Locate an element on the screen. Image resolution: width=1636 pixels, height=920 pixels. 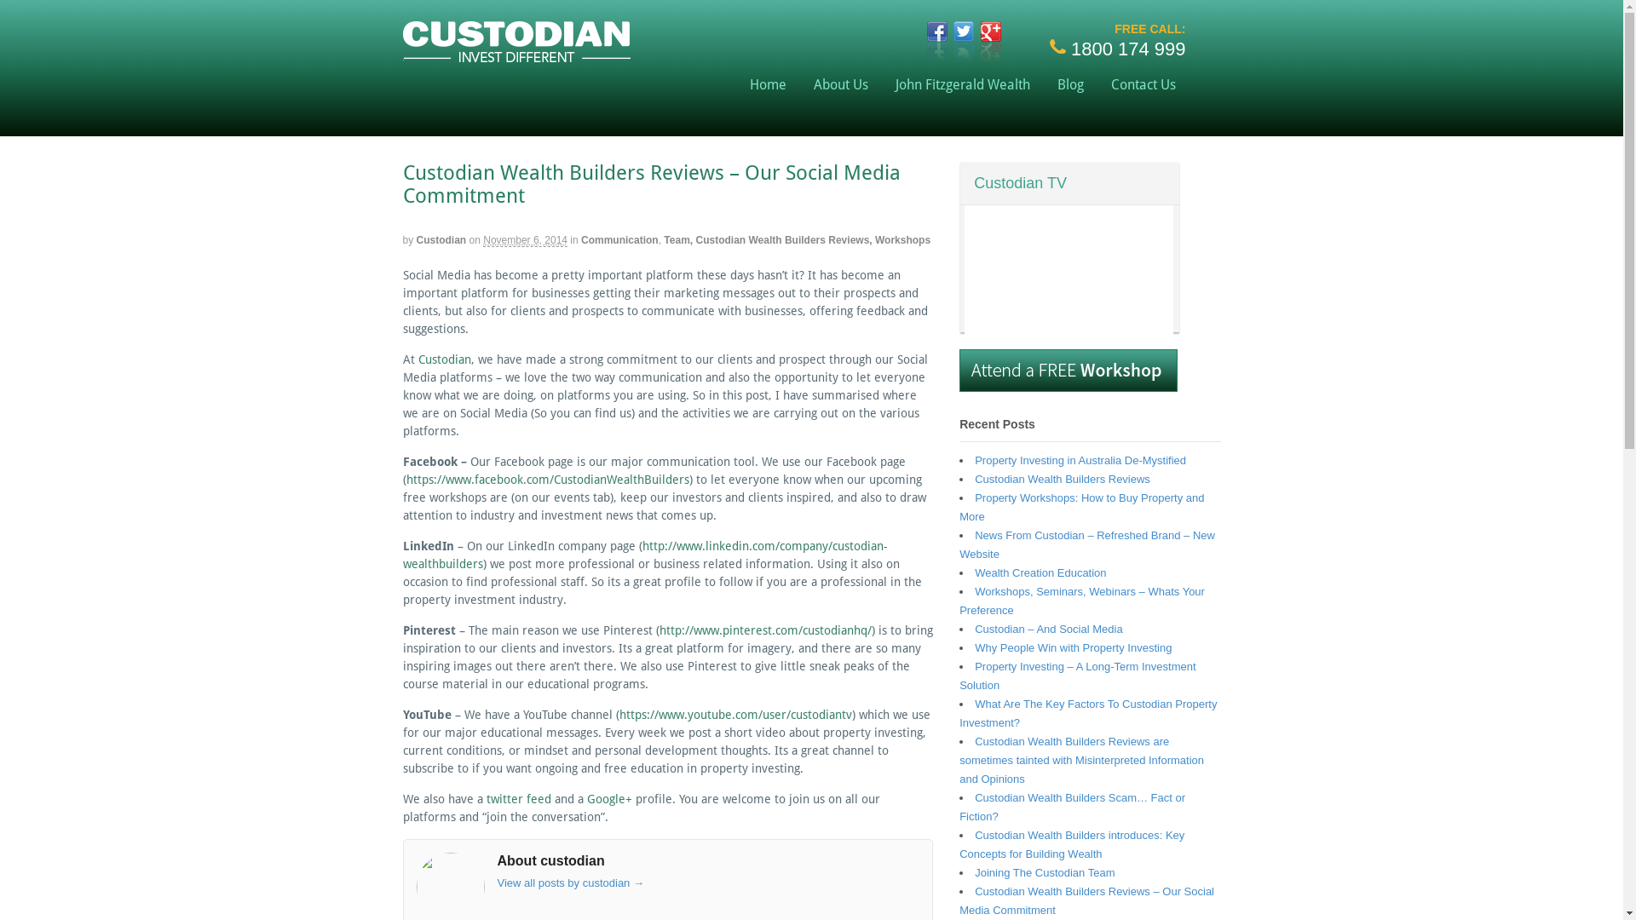
'Contact Us' is located at coordinates (1097, 84).